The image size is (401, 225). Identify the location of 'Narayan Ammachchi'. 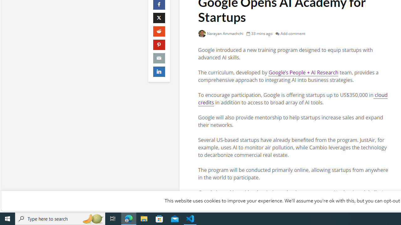
(221, 33).